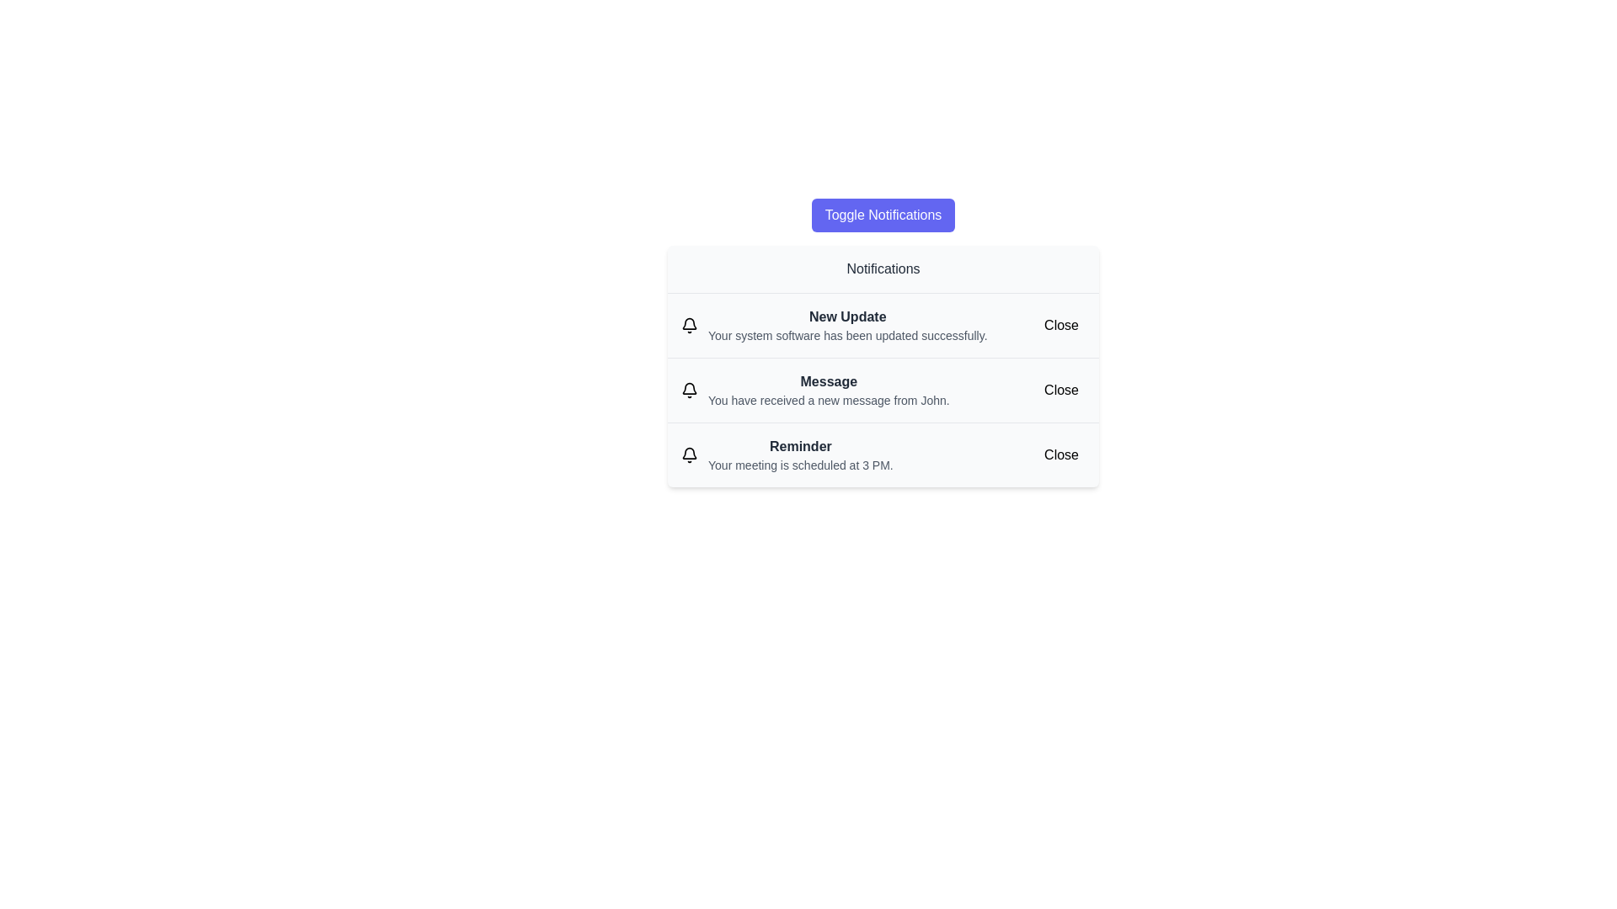 The width and height of the screenshot is (1617, 909). Describe the element at coordinates (883, 390) in the screenshot. I see `the Notification item that contains the bold headline 'Message' and the text 'You have received a new message from John.'` at that location.